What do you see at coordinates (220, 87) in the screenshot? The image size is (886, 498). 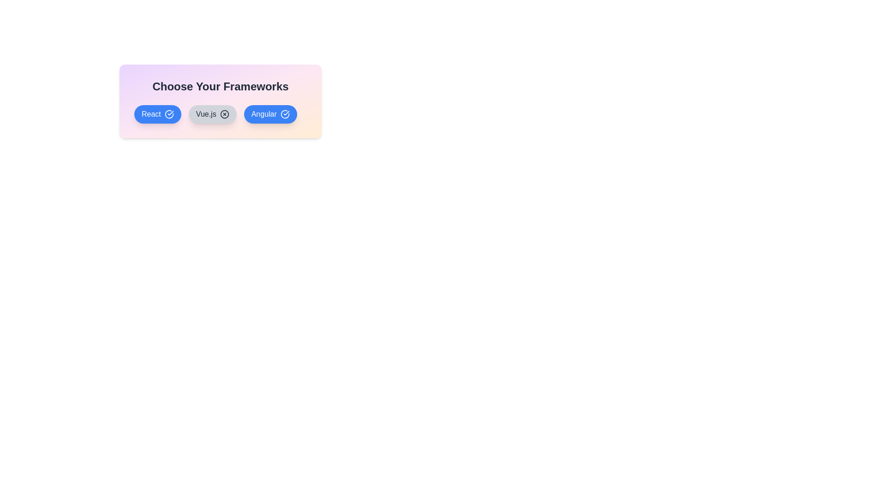 I see `the header text and copy it to the clipboard` at bounding box center [220, 87].